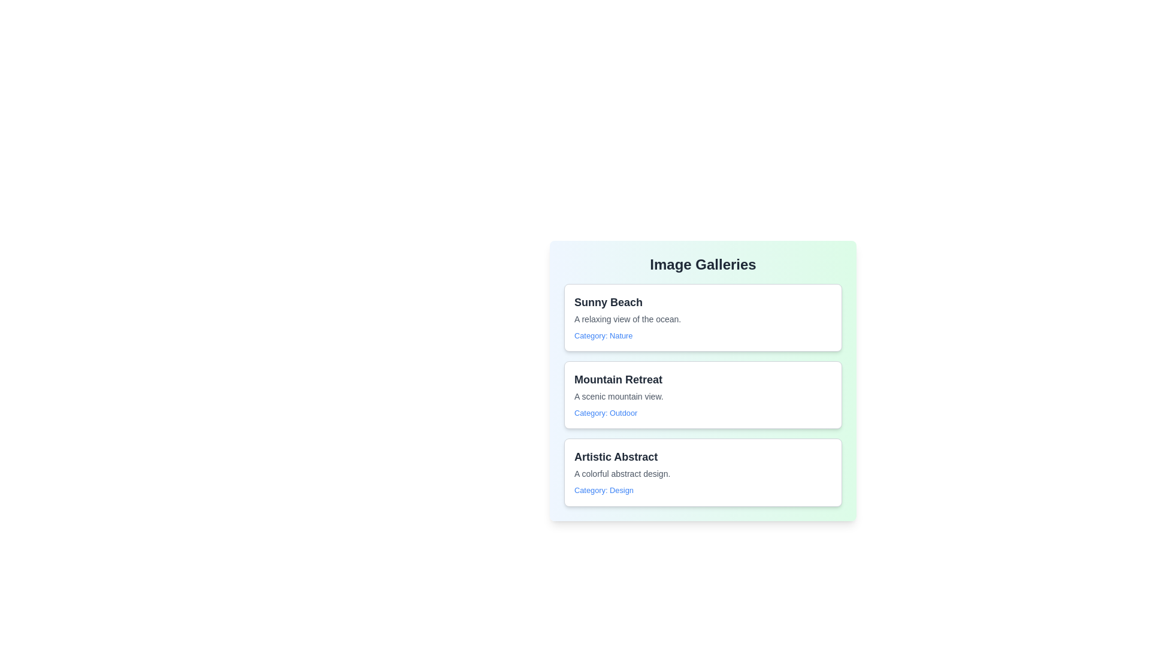 The image size is (1150, 647). Describe the element at coordinates (703, 472) in the screenshot. I see `the item with title Artistic Abstract` at that location.